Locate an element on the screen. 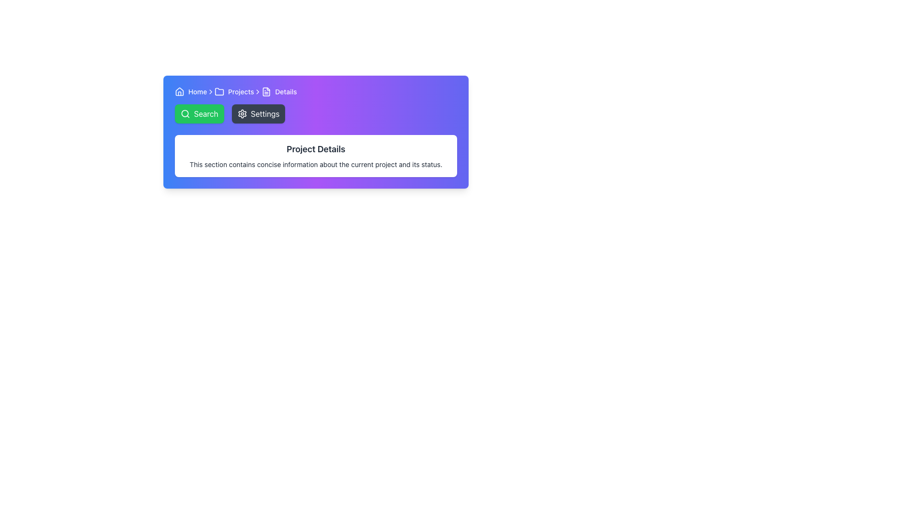 The width and height of the screenshot is (920, 517). the 'Details' breadcrumb navigation item, which is a text label with a document icon and a purple background, positioned to the right of the 'Projects' label is located at coordinates (279, 92).